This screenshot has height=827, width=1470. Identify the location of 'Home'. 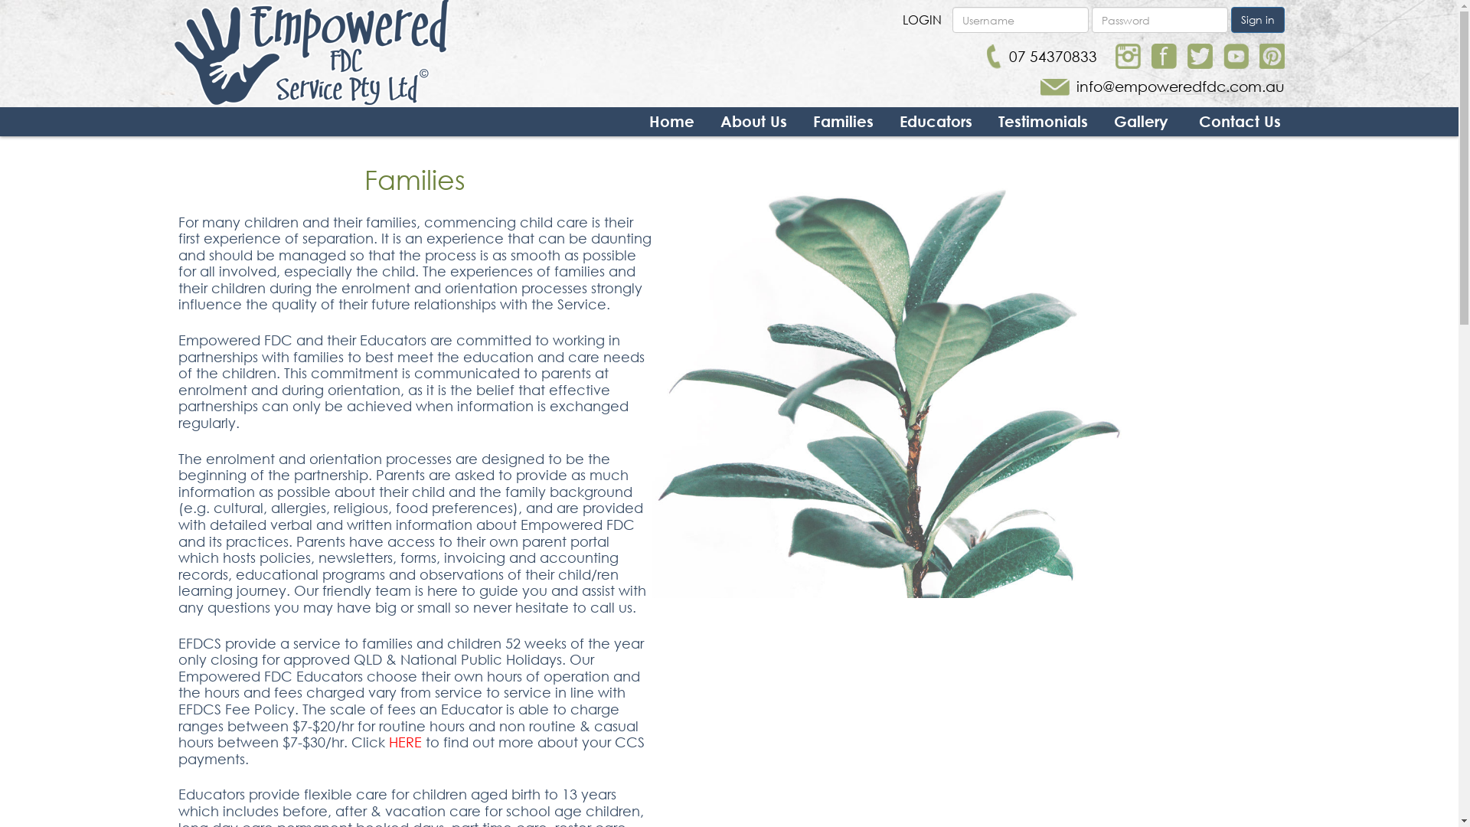
(671, 120).